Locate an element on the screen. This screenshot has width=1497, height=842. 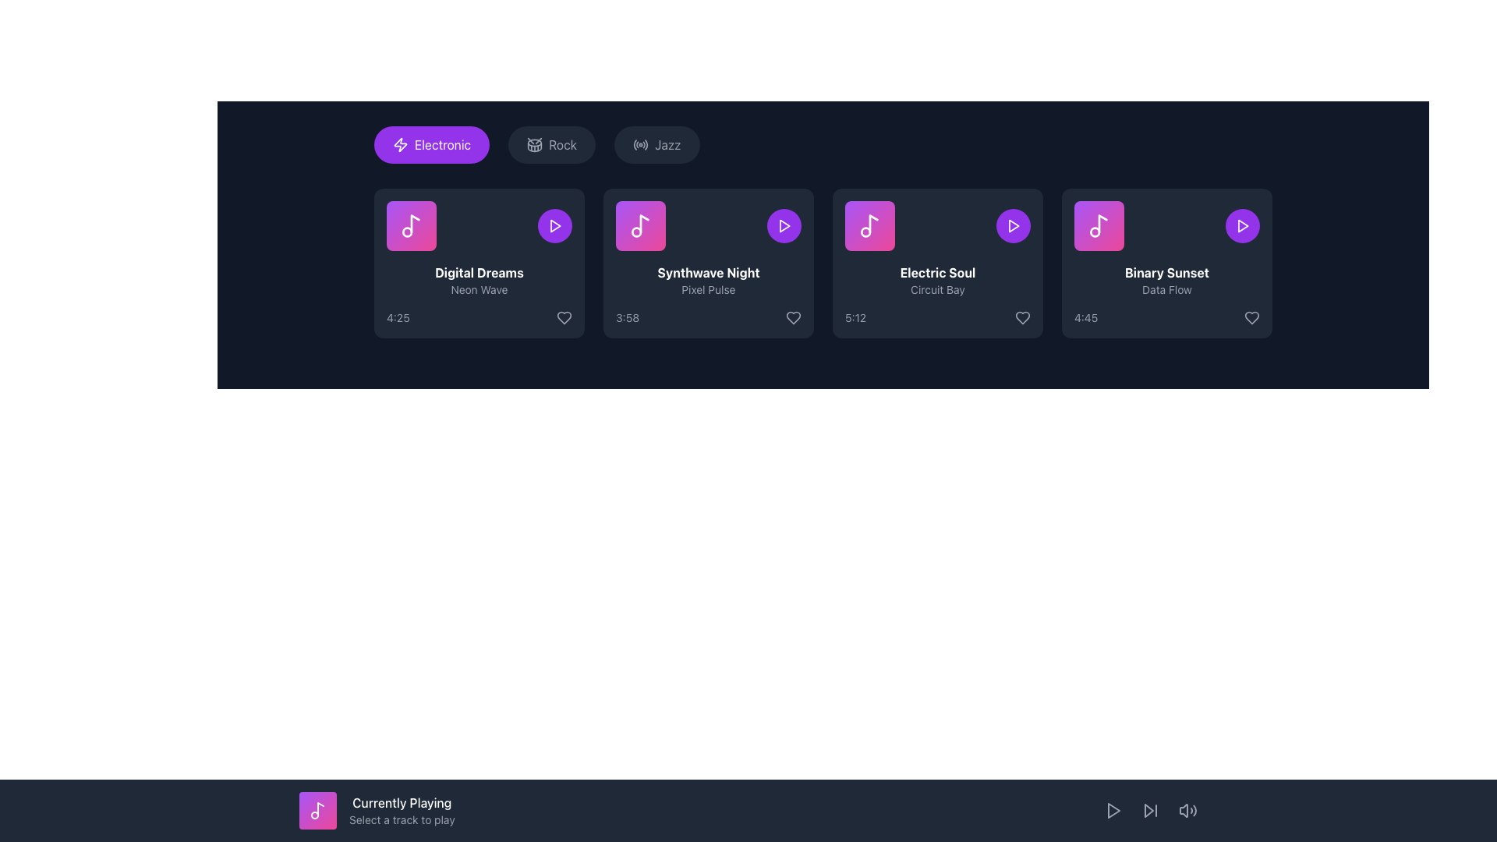
the 'Jazz' genre button, which is a compact, rounded rectangular element with dark gray background and lighter gray text is located at coordinates (667, 144).